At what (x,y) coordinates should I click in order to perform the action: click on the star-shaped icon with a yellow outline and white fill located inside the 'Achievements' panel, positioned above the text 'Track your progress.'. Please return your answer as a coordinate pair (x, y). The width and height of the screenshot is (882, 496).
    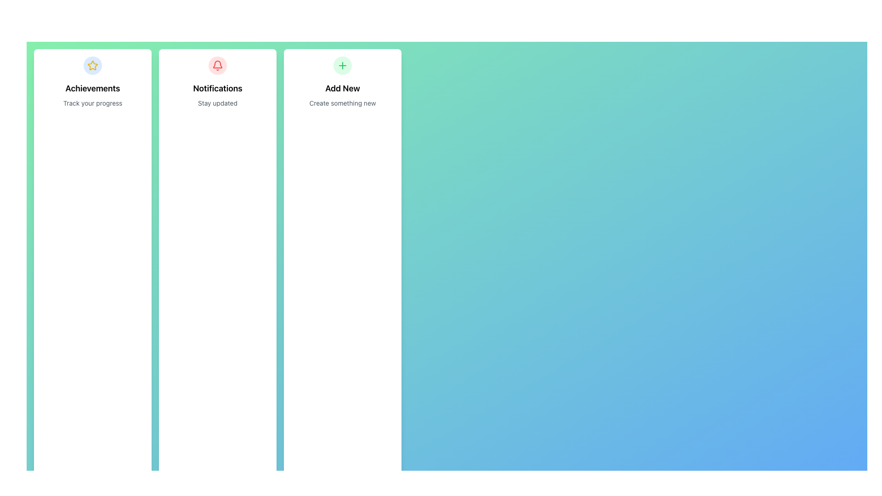
    Looking at the image, I should click on (92, 65).